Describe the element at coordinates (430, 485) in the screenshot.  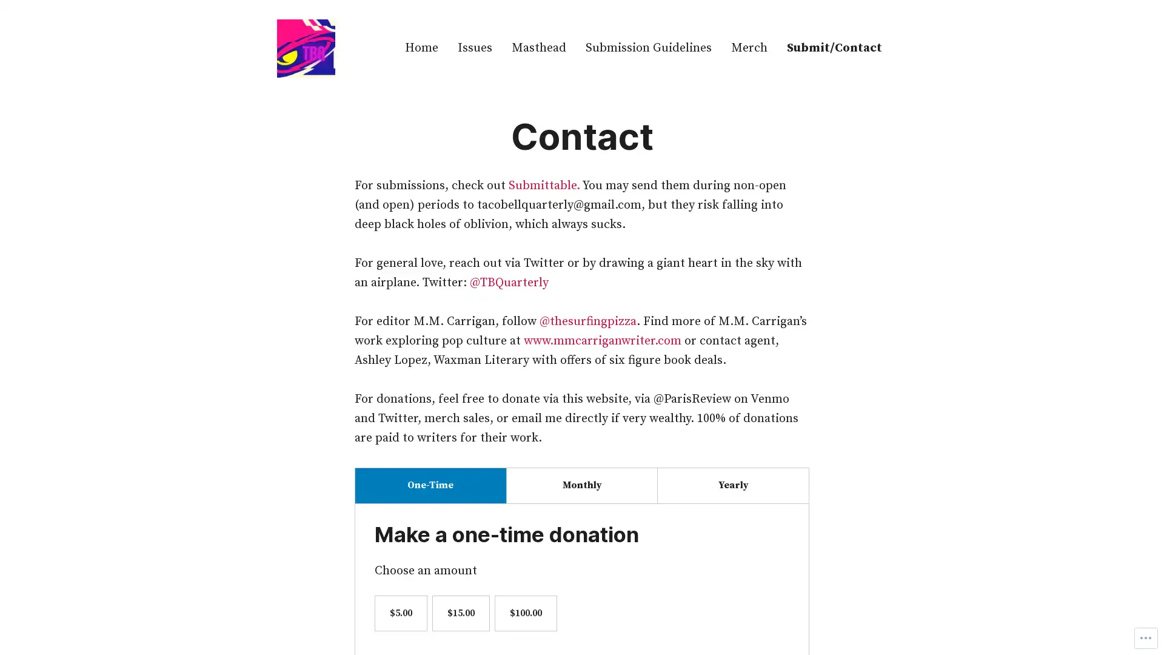
I see `One-Time` at that location.